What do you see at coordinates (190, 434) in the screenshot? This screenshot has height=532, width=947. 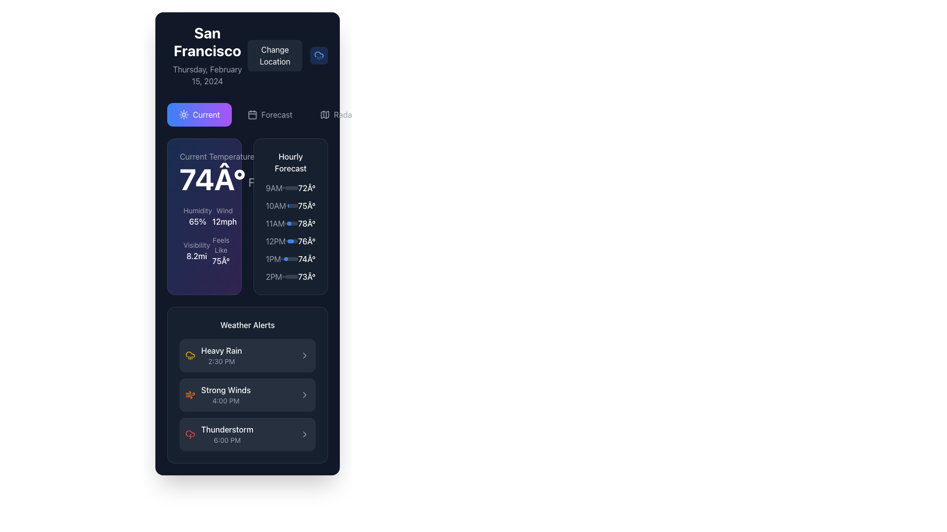 I see `the thunderstorm weather alert icon located in the 'Weather Alerts' section, specifically in the 'Thunderstorm 6:00 PM' row, which is positioned leftmost next to the descriptive text` at bounding box center [190, 434].